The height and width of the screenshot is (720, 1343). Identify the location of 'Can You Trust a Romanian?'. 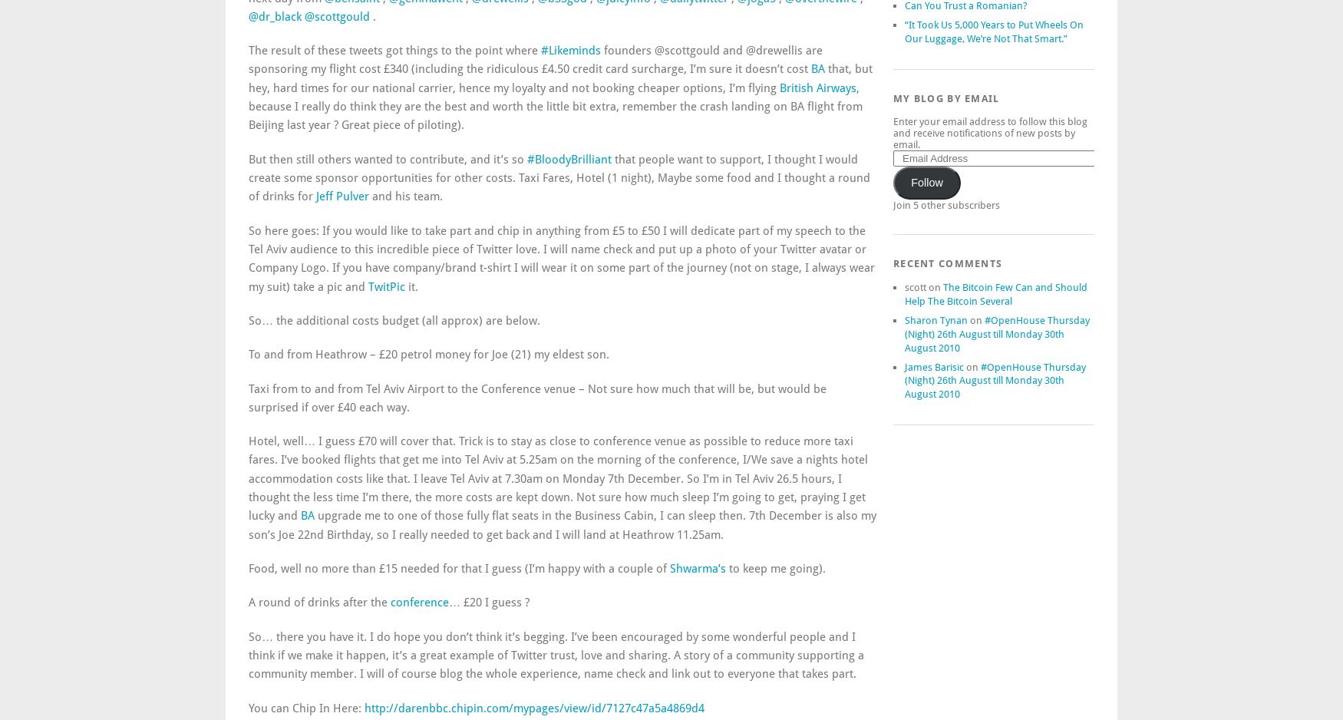
(965, 5).